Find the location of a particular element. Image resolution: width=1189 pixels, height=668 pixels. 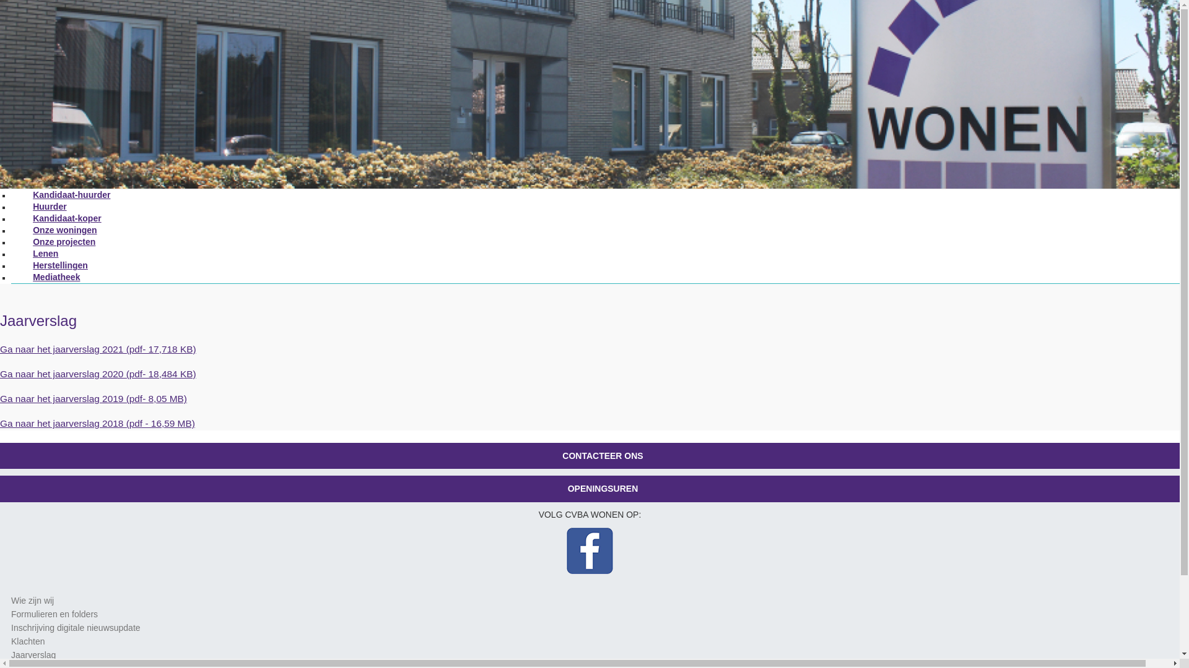

'Klachten' is located at coordinates (27, 641).